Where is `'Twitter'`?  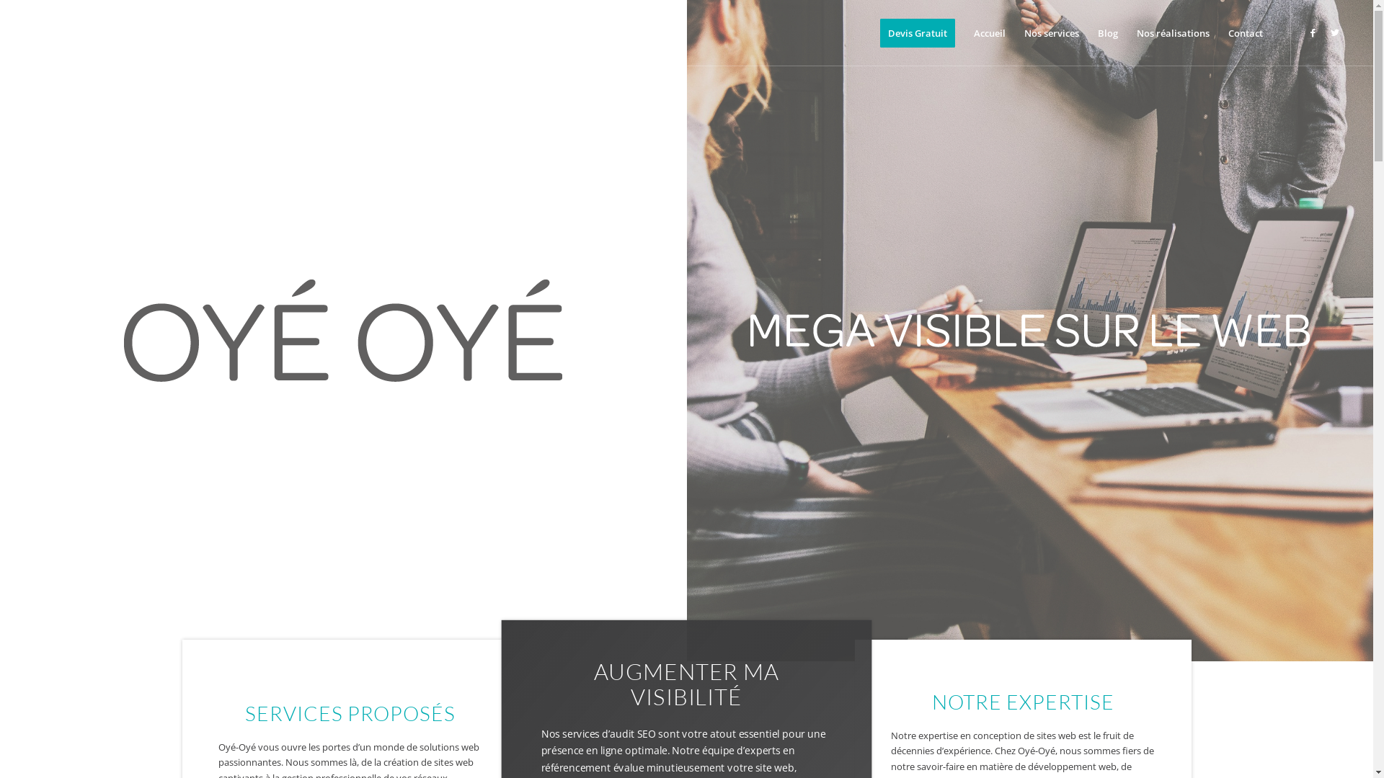 'Twitter' is located at coordinates (1334, 32).